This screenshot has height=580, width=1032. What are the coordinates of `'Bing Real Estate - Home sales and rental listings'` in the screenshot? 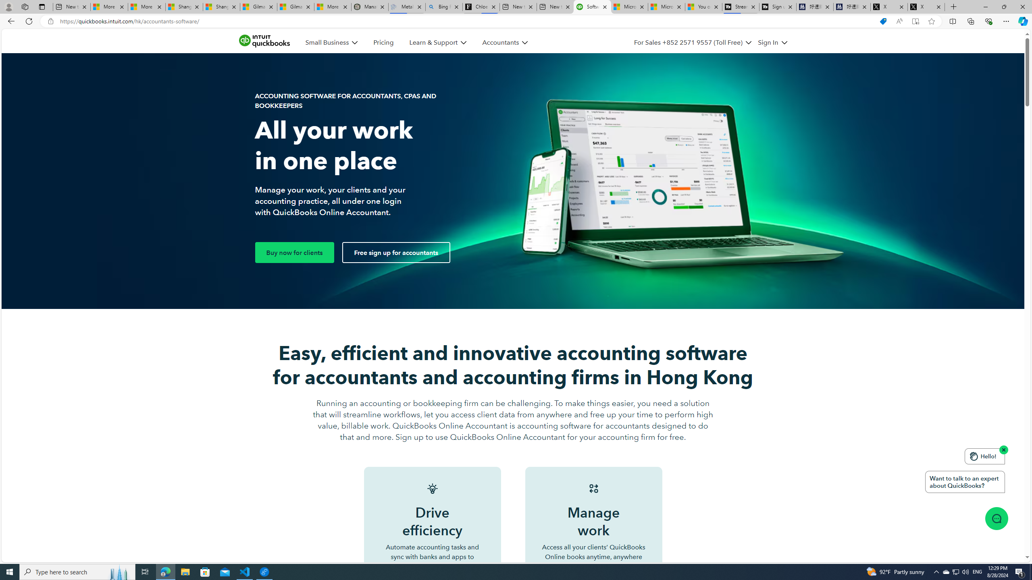 It's located at (444, 6).